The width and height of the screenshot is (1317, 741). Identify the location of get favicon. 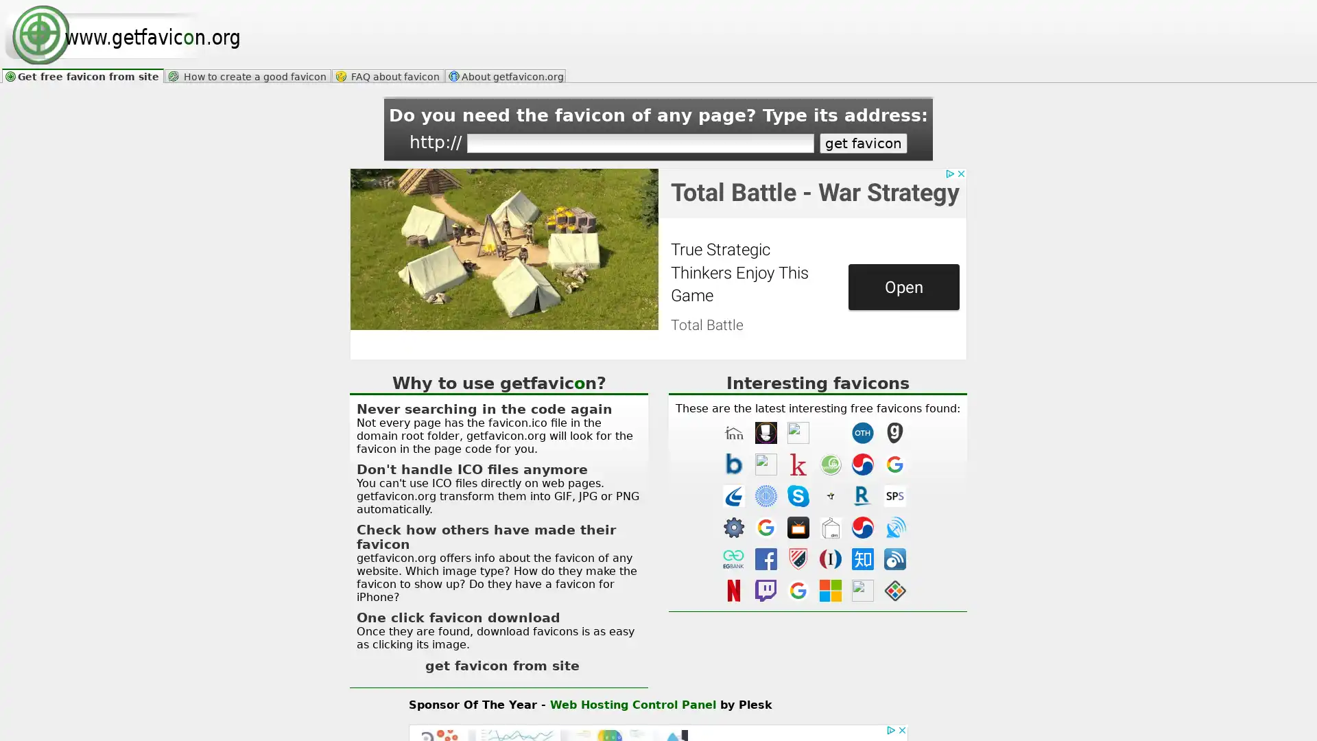
(862, 143).